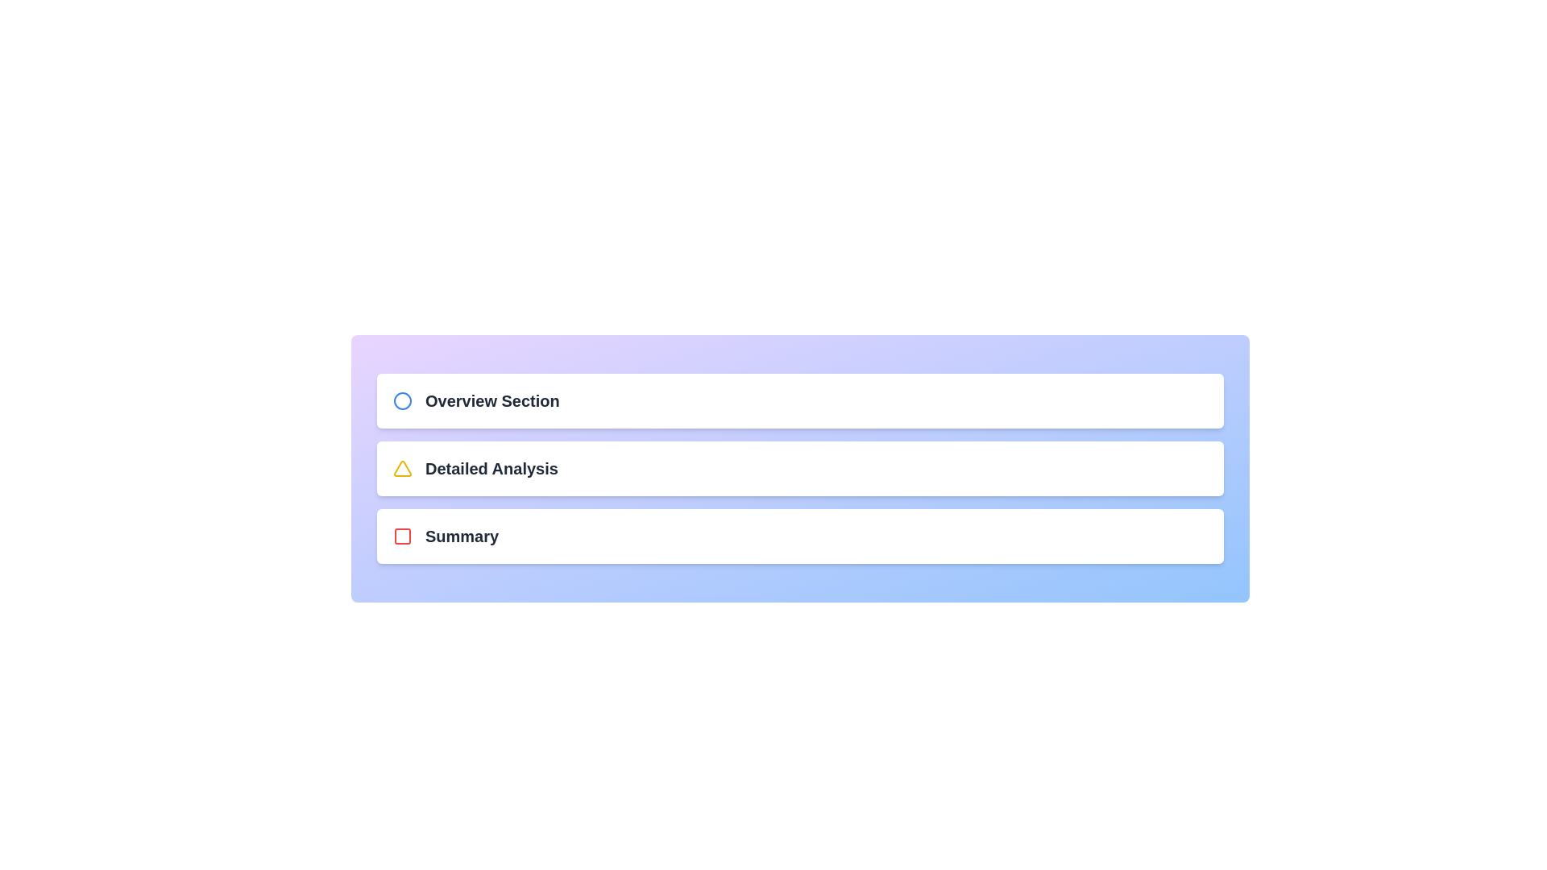  I want to click on the Text label with a heading style that serves as a section header for the 'Overview' part of the interface, positioned slightly to the left of the horizontal center, so click(491, 400).